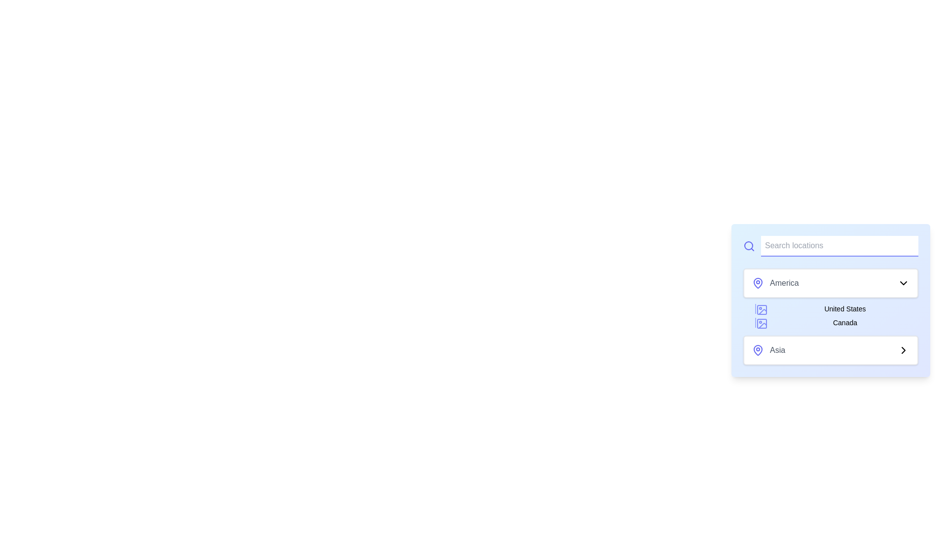  Describe the element at coordinates (830, 316) in the screenshot. I see `the list item group displaying selectable options for countries under the 'America' section` at that location.